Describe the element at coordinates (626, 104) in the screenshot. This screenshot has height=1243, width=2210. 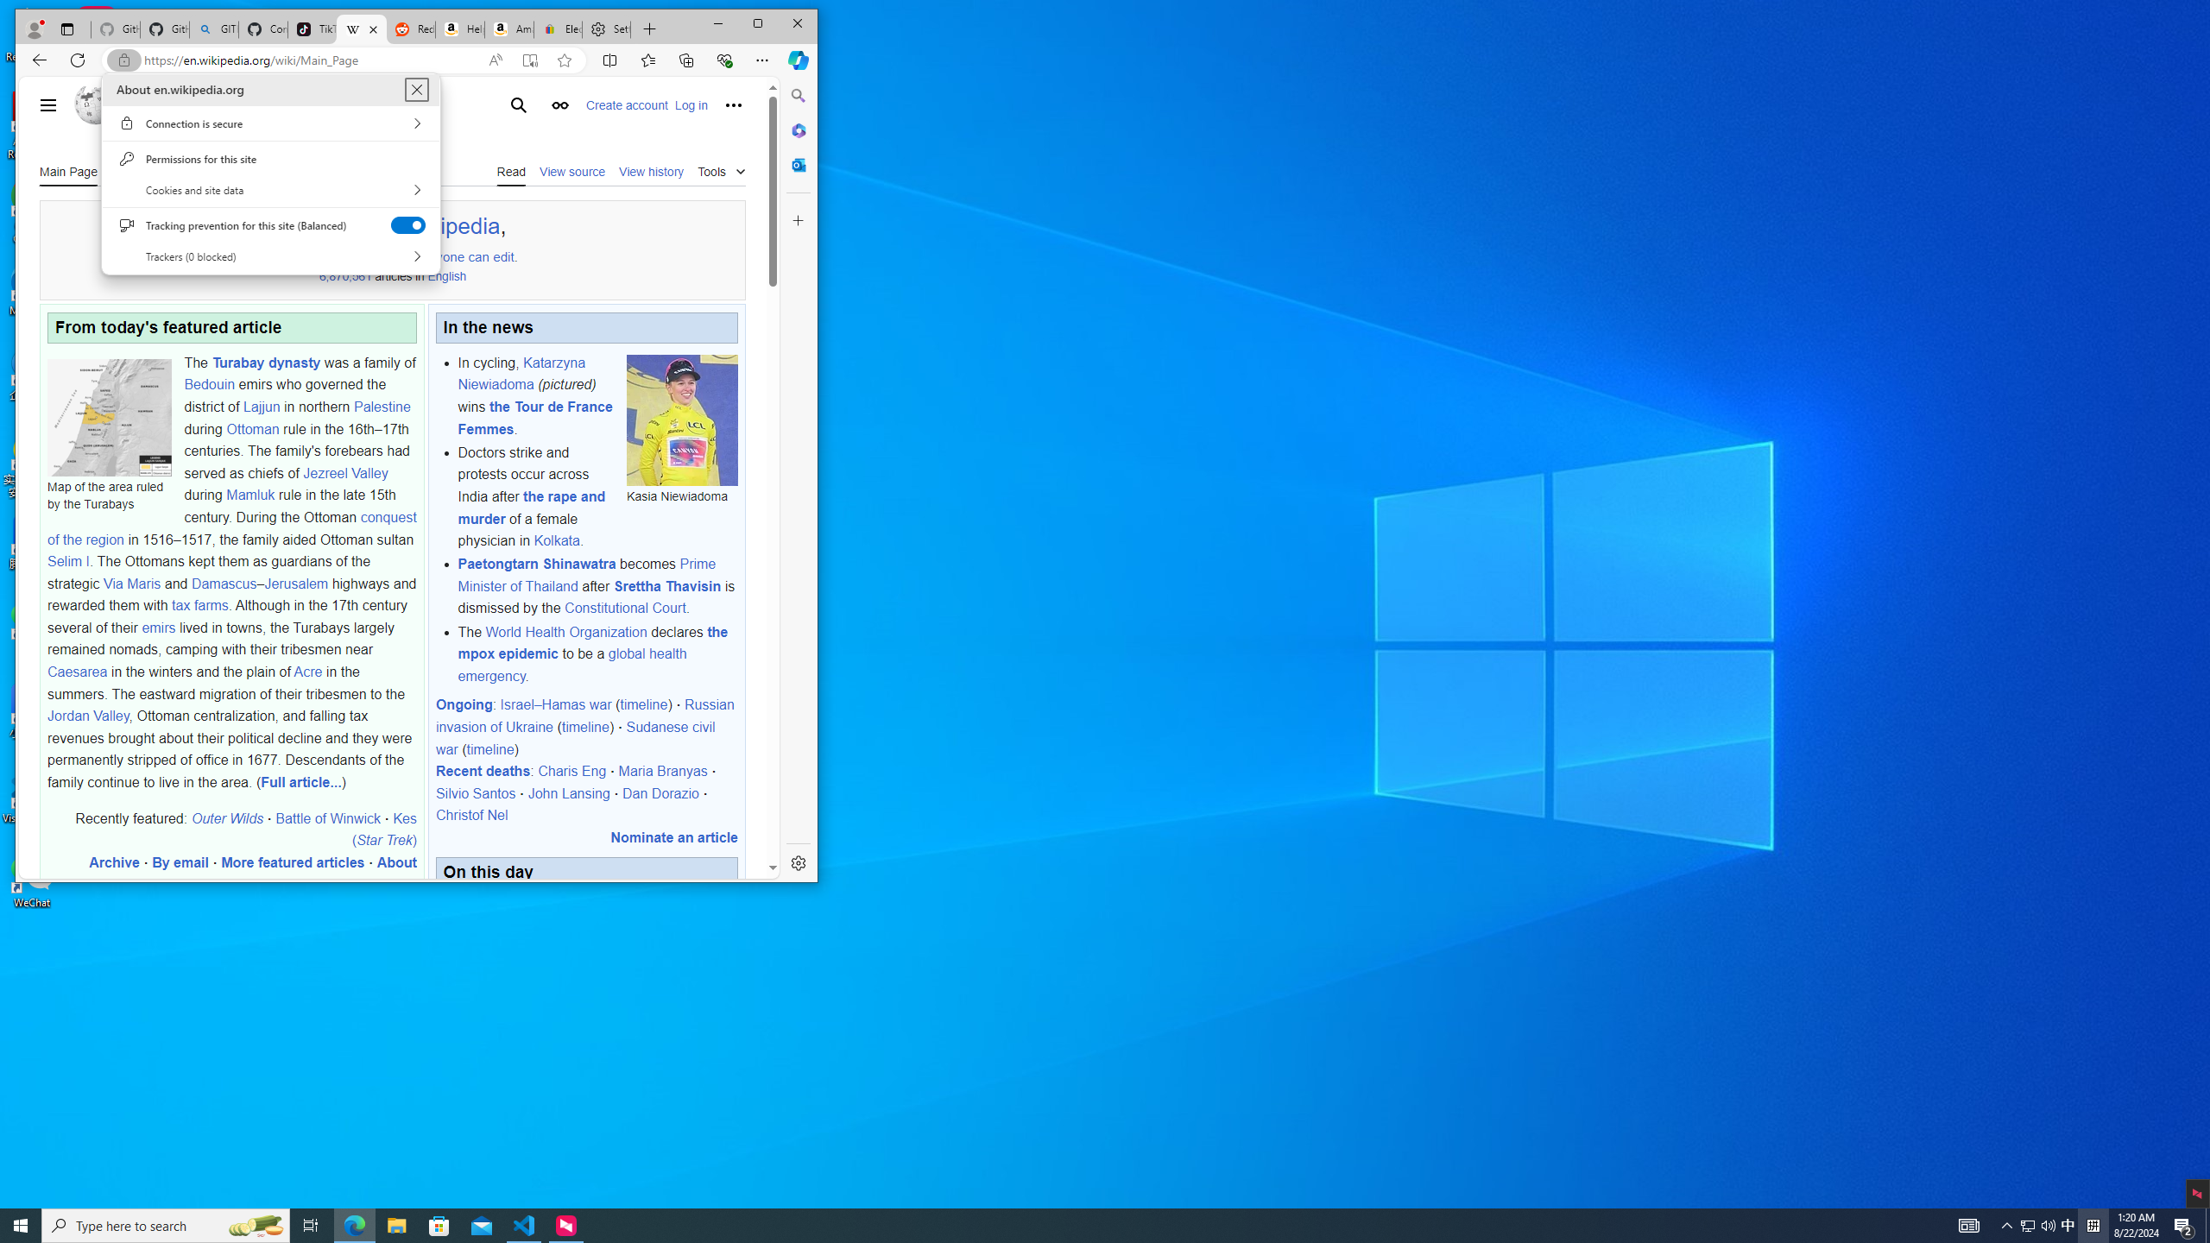
I see `'Create account'` at that location.